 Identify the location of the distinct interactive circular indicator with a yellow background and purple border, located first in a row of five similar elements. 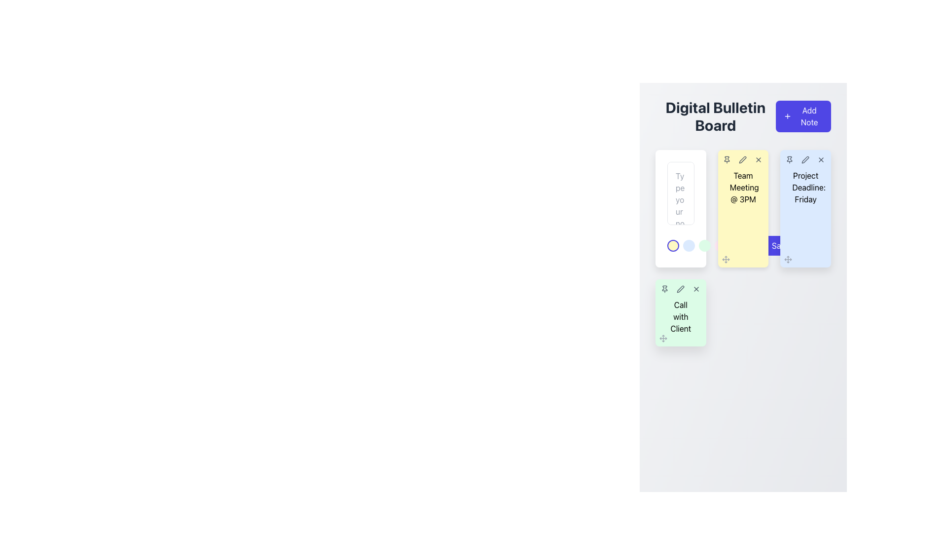
(672, 245).